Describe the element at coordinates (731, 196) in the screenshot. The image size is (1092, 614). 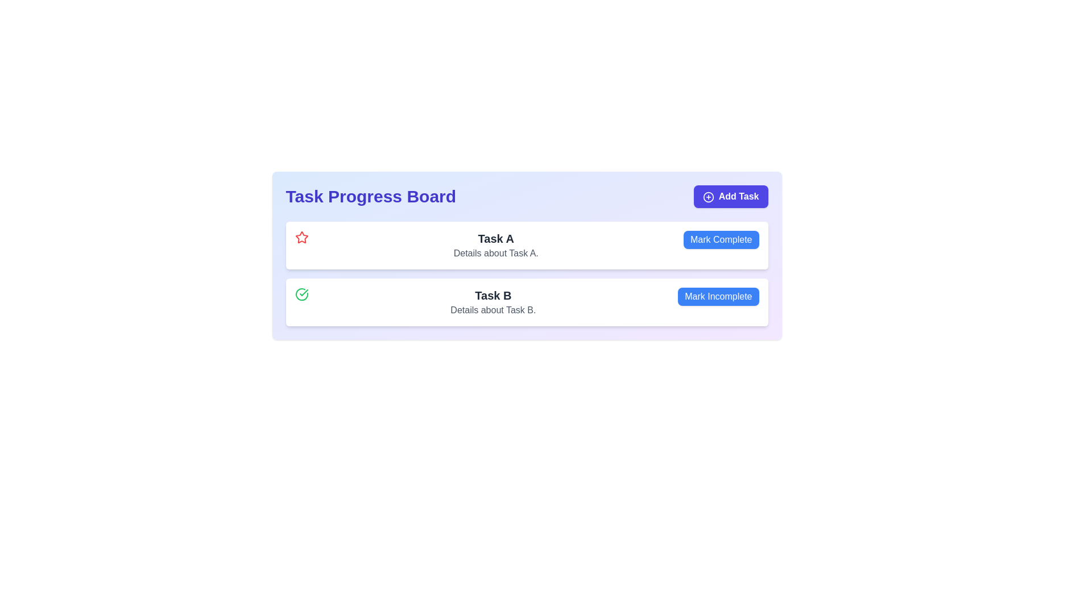
I see `the button located to the right of the 'Task Progress Board' header` at that location.